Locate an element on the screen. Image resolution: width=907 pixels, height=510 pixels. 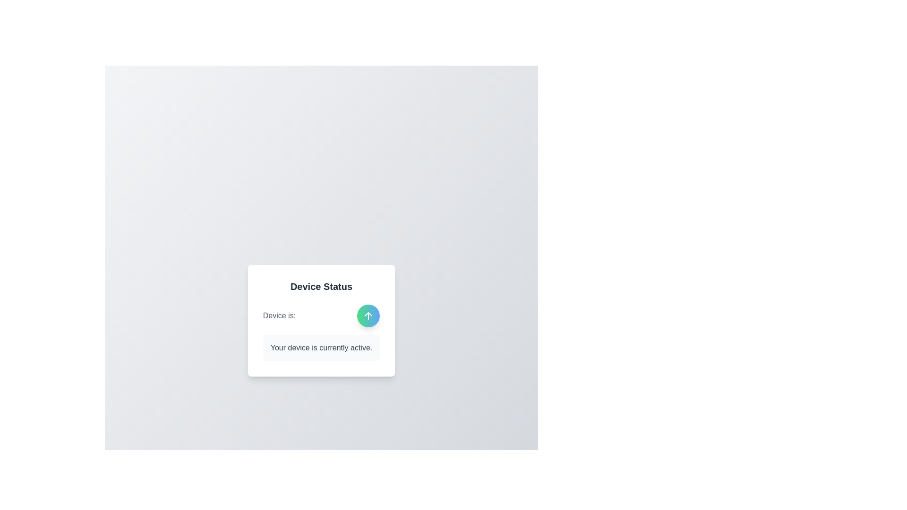
the interactive button in the 'Device Status' section is located at coordinates (321, 315).